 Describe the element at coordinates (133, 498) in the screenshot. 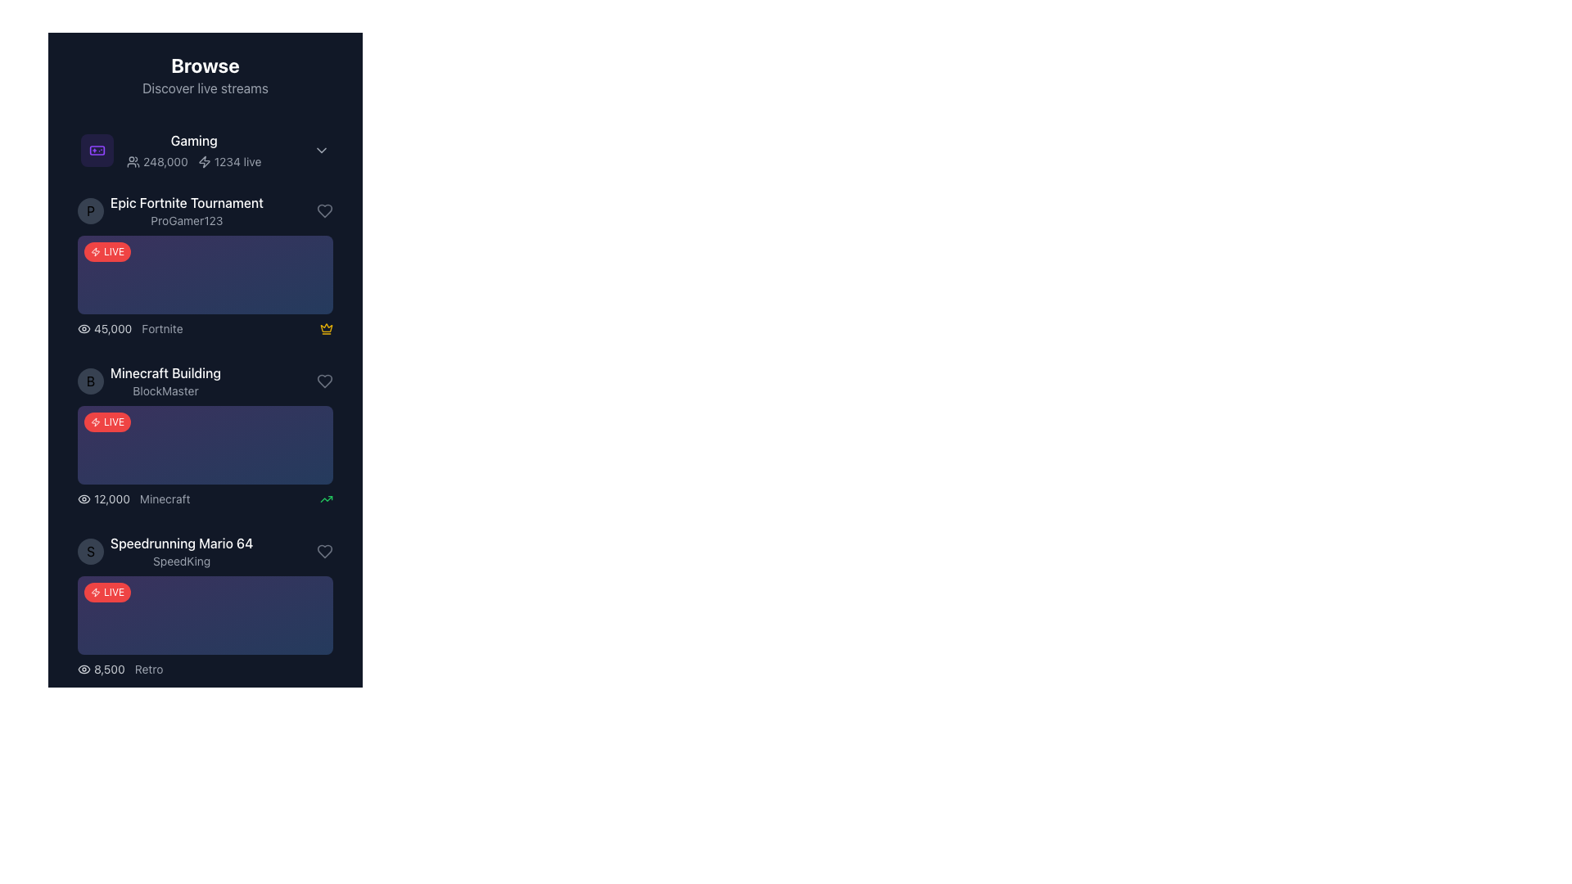

I see `the Informative label displaying '12,000' and 'Minecraft' with an eye icon on a dark background` at that location.